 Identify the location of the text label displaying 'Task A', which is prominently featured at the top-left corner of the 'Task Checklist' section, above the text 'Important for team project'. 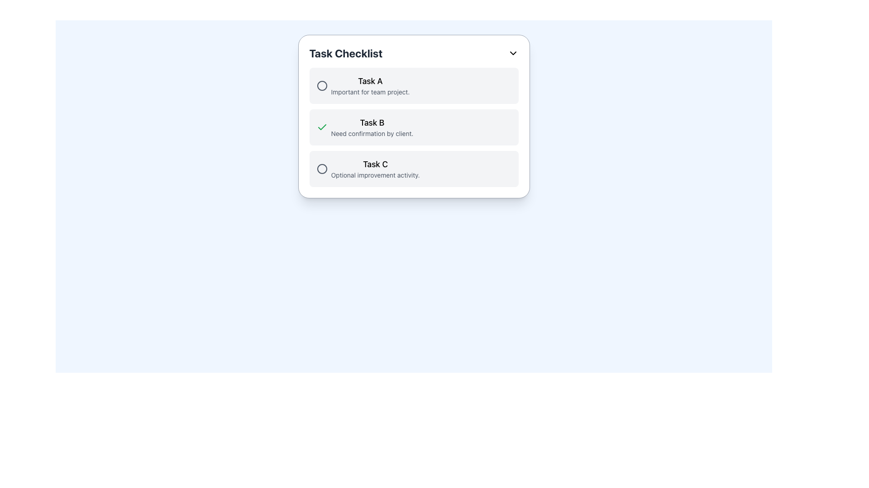
(370, 81).